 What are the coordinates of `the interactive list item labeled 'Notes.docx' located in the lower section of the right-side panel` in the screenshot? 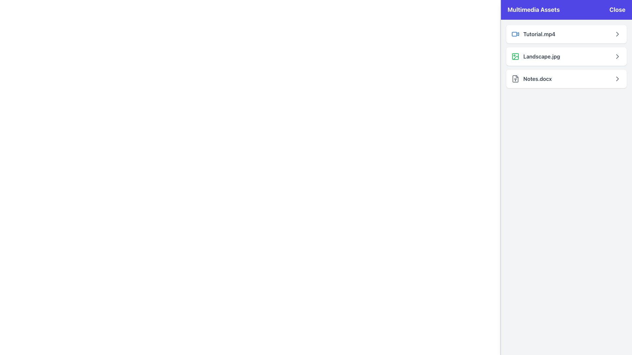 It's located at (566, 78).